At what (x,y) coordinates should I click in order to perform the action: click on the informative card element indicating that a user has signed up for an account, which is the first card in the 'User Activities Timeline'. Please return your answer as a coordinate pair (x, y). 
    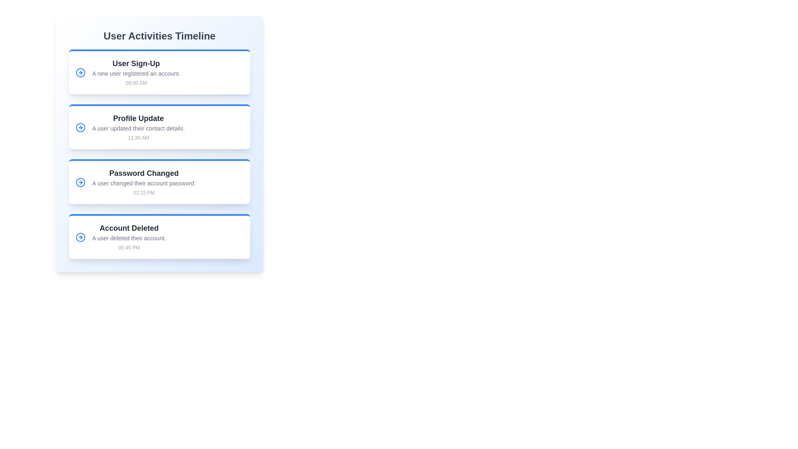
    Looking at the image, I should click on (160, 72).